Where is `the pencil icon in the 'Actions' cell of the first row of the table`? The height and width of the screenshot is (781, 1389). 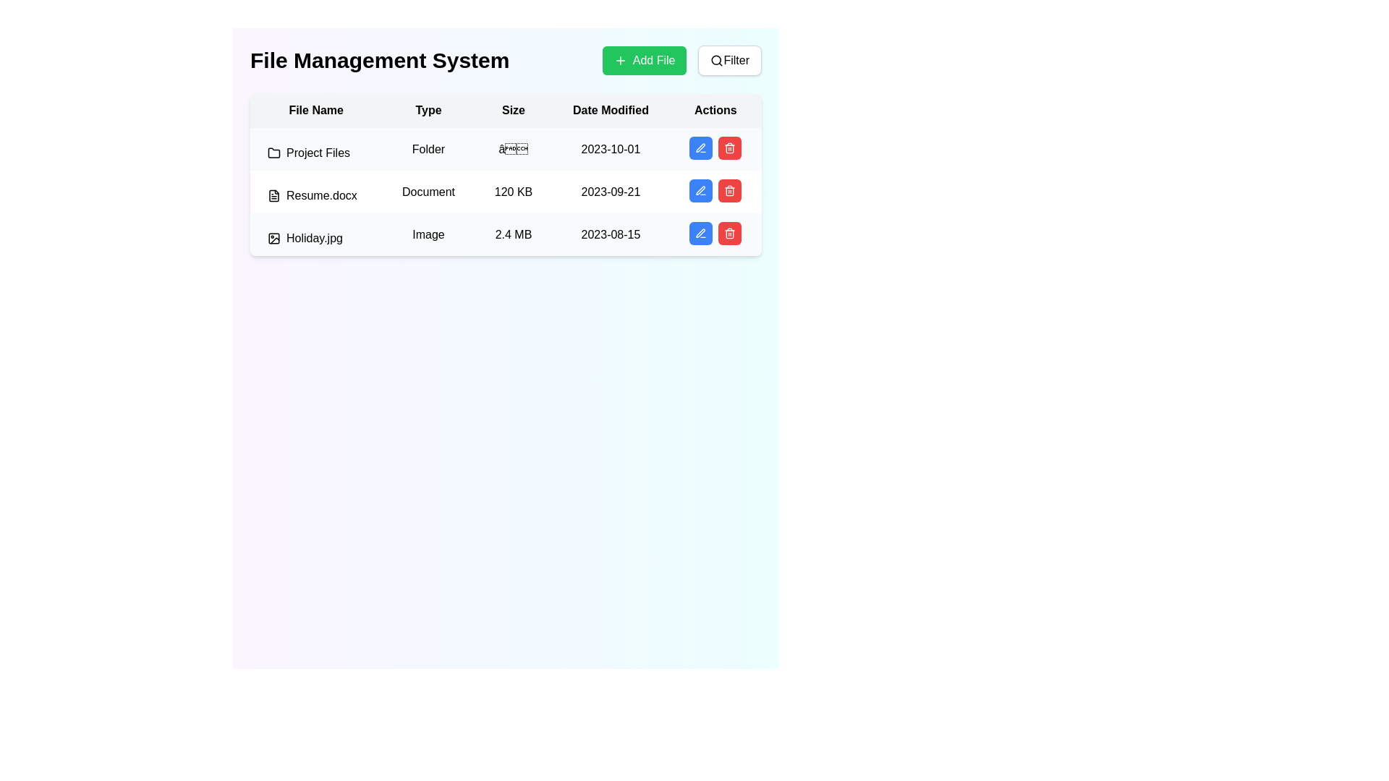
the pencil icon in the 'Actions' cell of the first row of the table is located at coordinates (715, 148).